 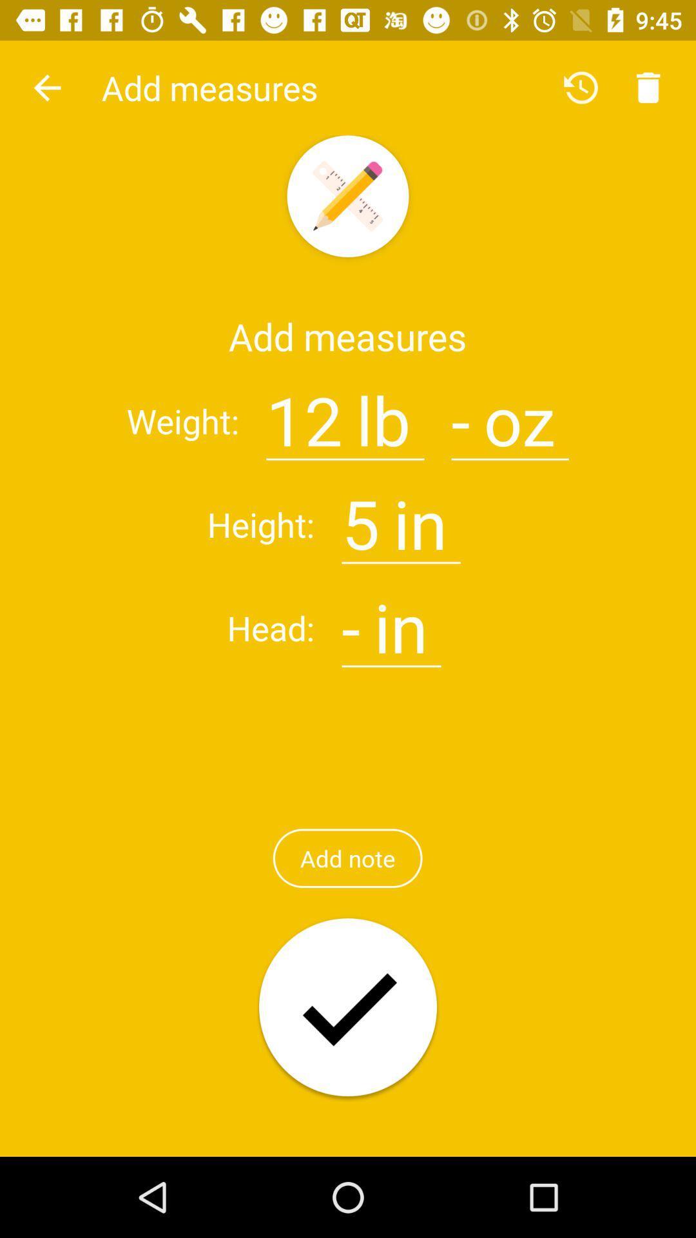 What do you see at coordinates (460, 413) in the screenshot?
I see `item above in` at bounding box center [460, 413].